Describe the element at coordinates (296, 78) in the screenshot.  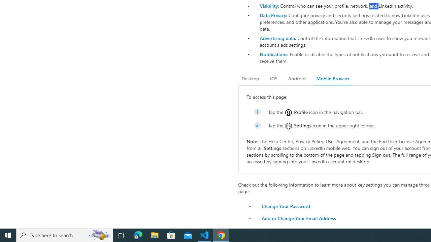
I see `'Android'` at that location.